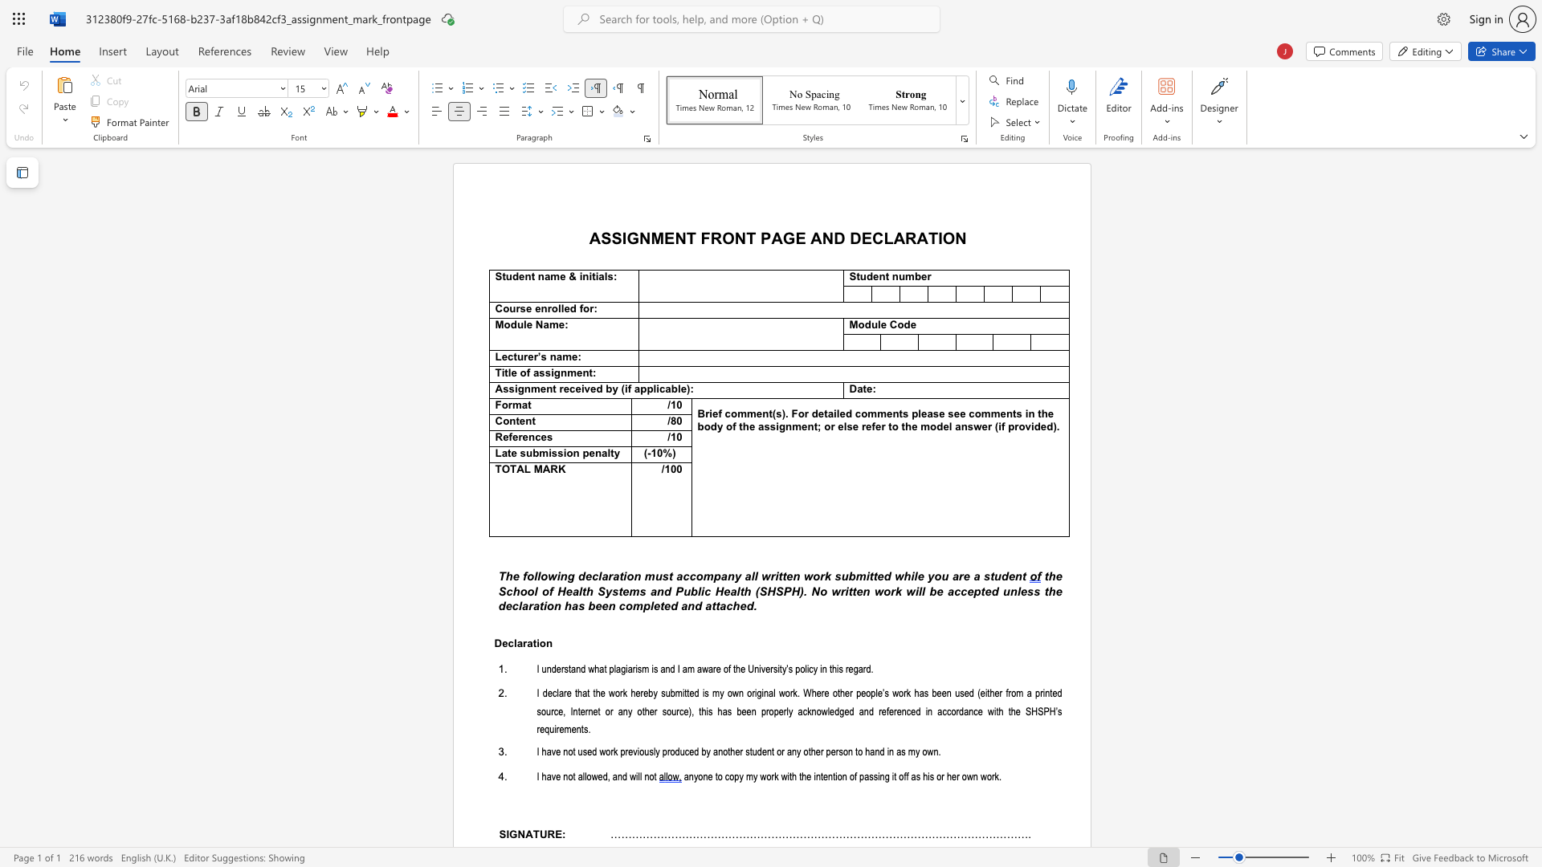 This screenshot has width=1542, height=867. I want to click on the subset text "following" within the text "following d", so click(523, 576).